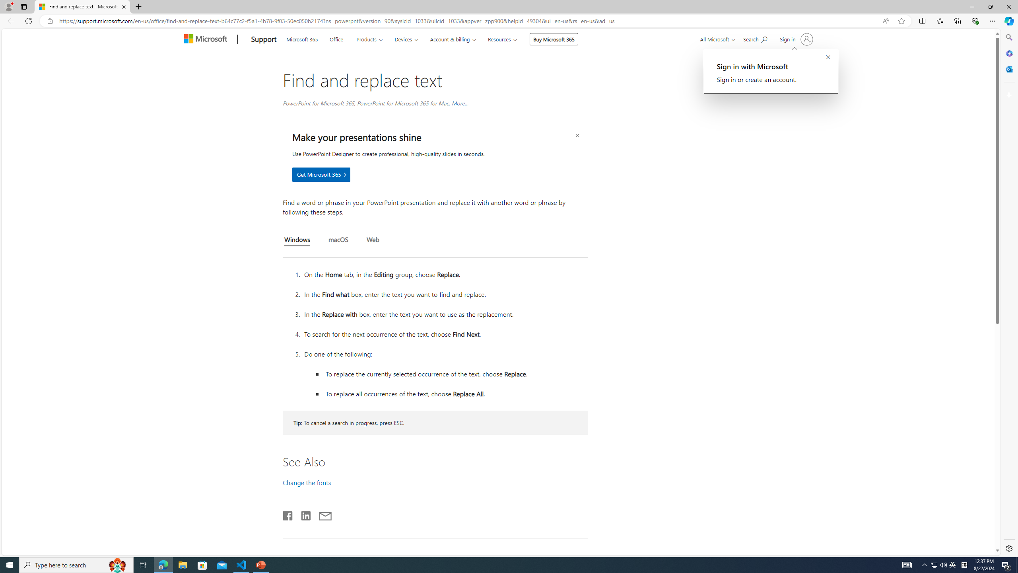 The width and height of the screenshot is (1018, 573). What do you see at coordinates (455, 393) in the screenshot?
I see `'To replace all occurrences of the text, choose Replace All.'` at bounding box center [455, 393].